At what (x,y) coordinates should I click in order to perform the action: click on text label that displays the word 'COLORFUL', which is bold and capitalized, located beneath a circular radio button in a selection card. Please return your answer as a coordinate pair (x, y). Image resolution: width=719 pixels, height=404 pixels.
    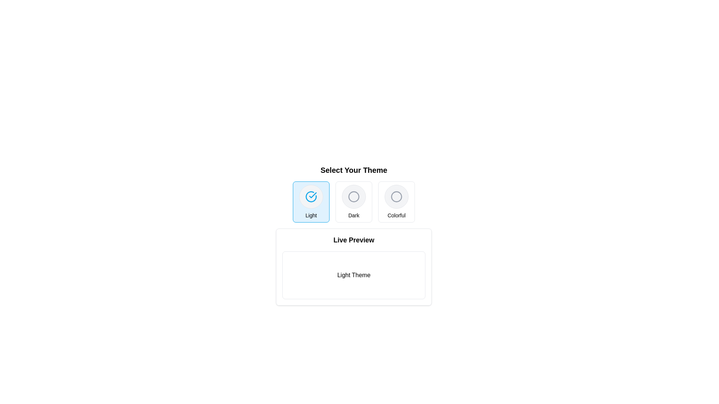
    Looking at the image, I should click on (396, 215).